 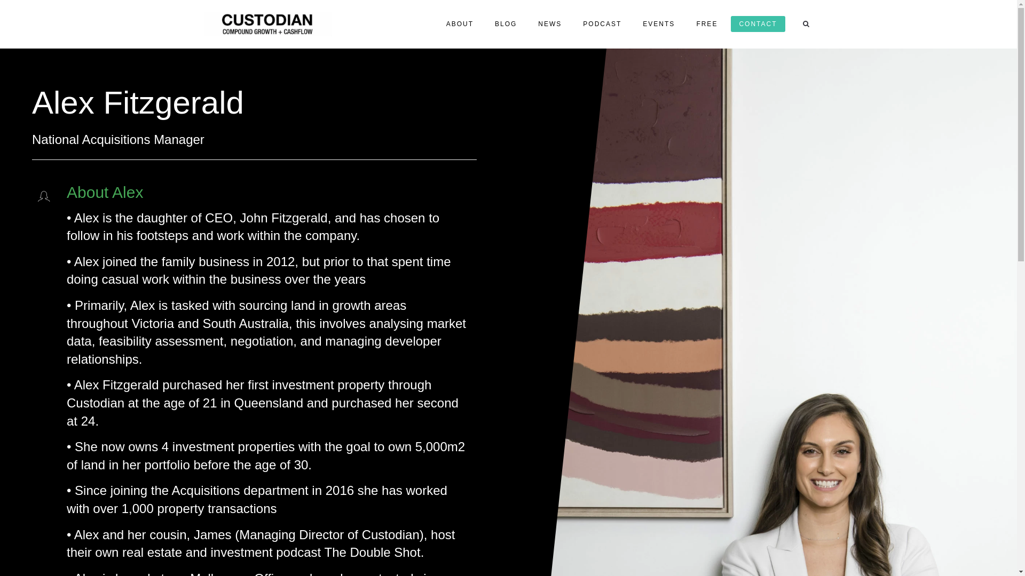 I want to click on 'ABOUT', so click(x=460, y=24).